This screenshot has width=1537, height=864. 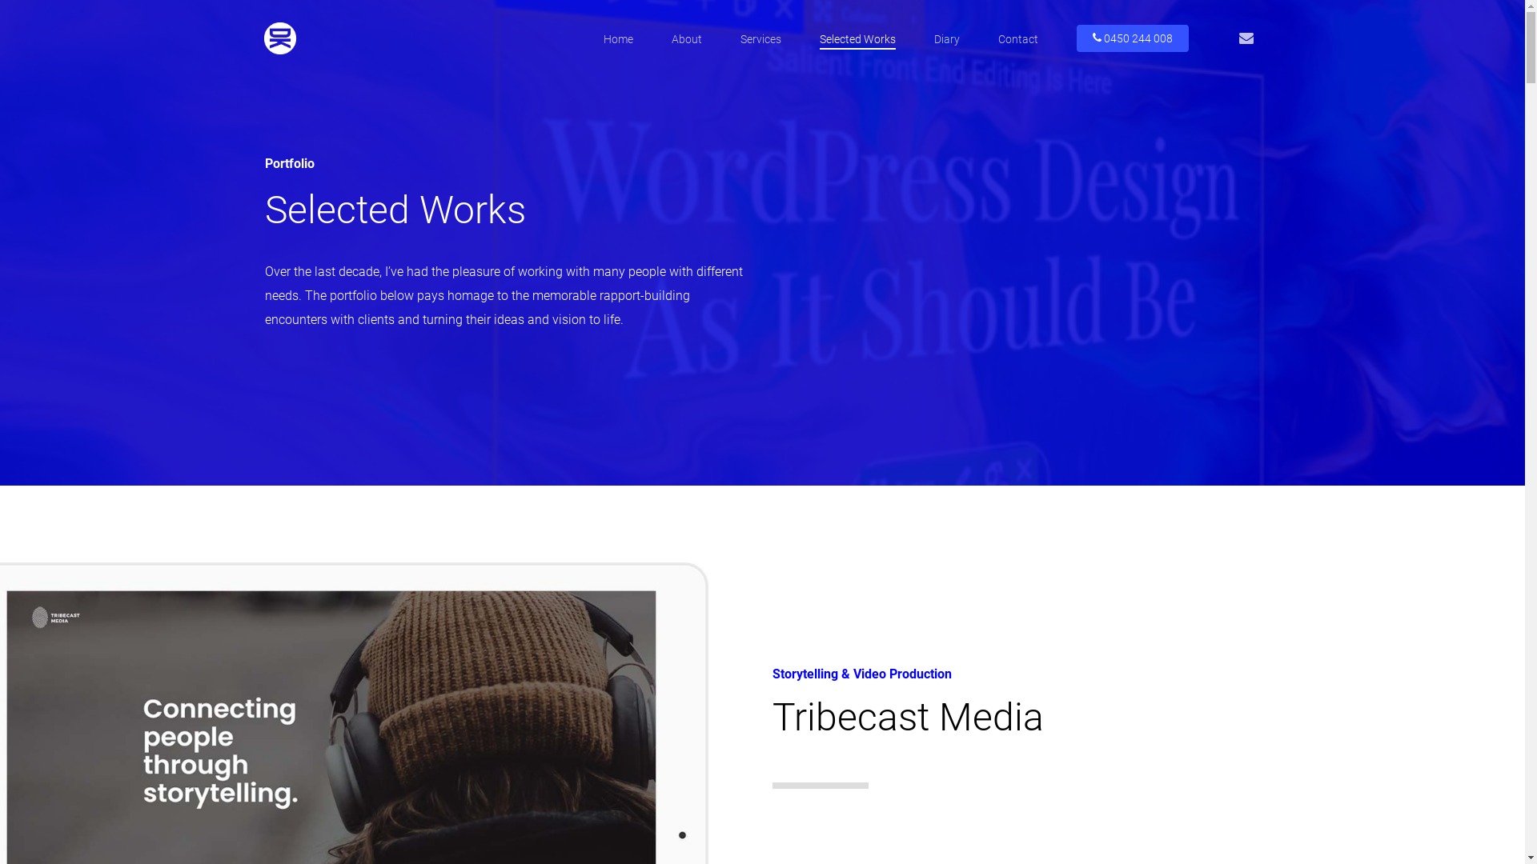 I want to click on 'Contact', so click(x=1017, y=38).